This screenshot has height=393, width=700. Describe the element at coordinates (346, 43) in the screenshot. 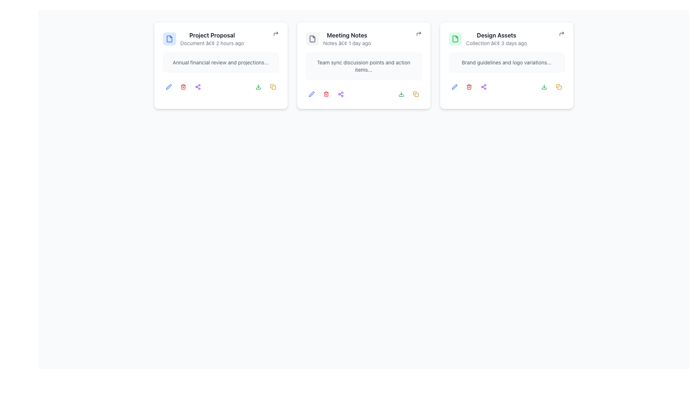

I see `the Text label that indicates 'Notes' and shows a timestamp of '1 day ago', located below 'Meeting Notes' within the center card of a triplet of cards` at that location.